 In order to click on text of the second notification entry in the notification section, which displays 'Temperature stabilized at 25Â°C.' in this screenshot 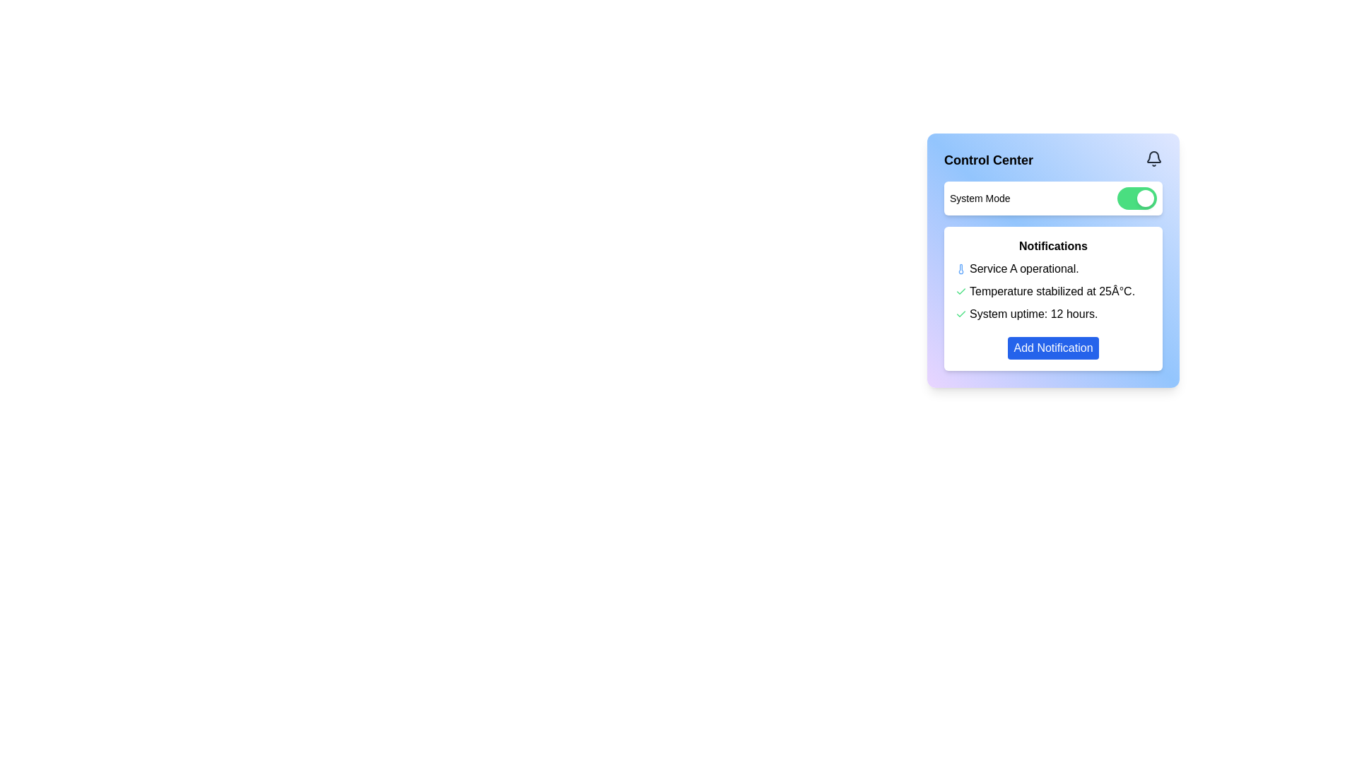, I will do `click(1053, 290)`.